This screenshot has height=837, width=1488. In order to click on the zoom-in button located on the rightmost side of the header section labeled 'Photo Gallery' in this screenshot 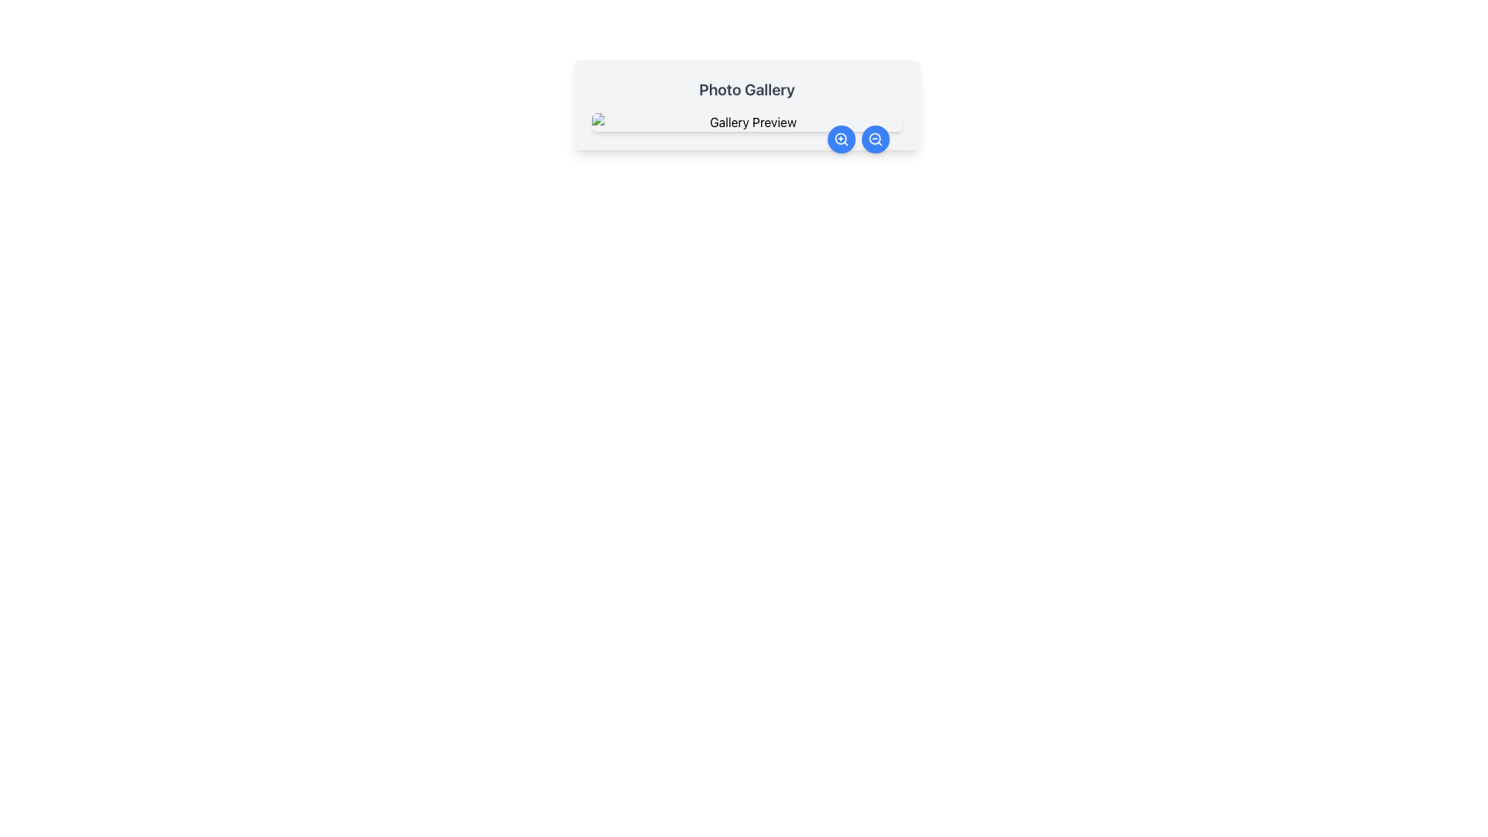, I will do `click(840, 139)`.